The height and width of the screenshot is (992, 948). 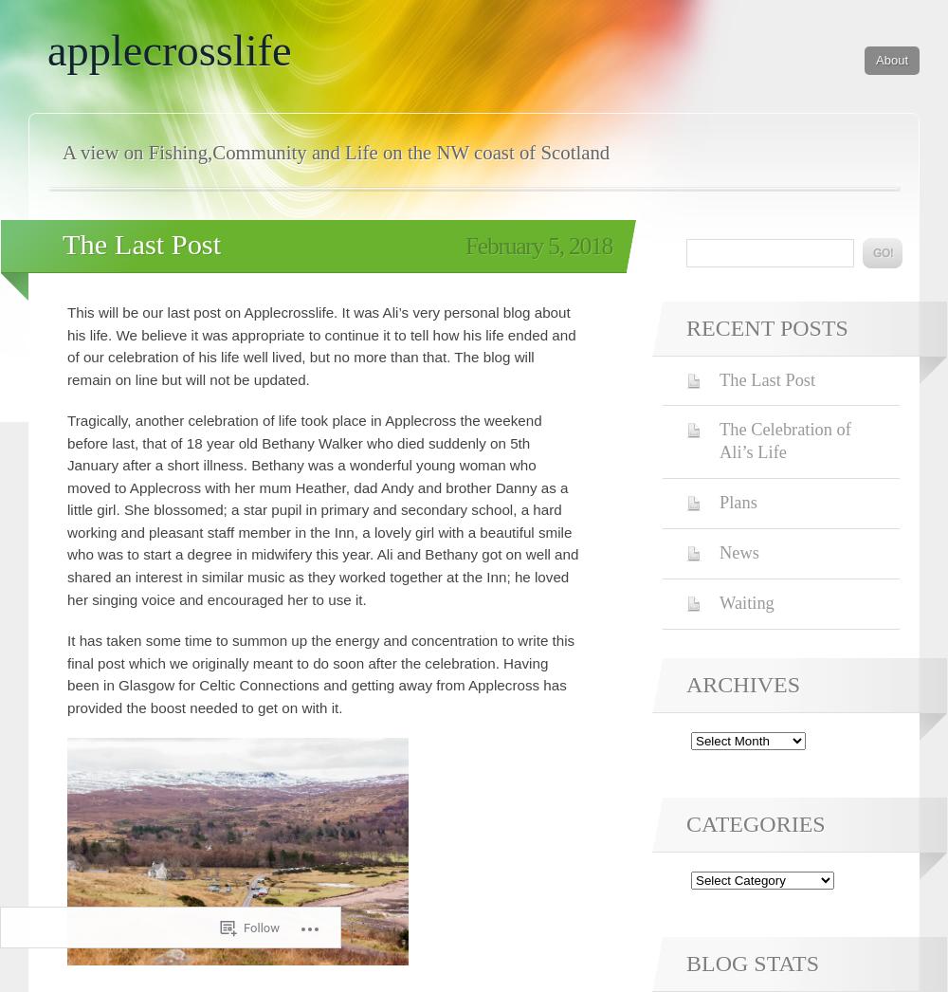 I want to click on 'Follow', so click(x=244, y=927).